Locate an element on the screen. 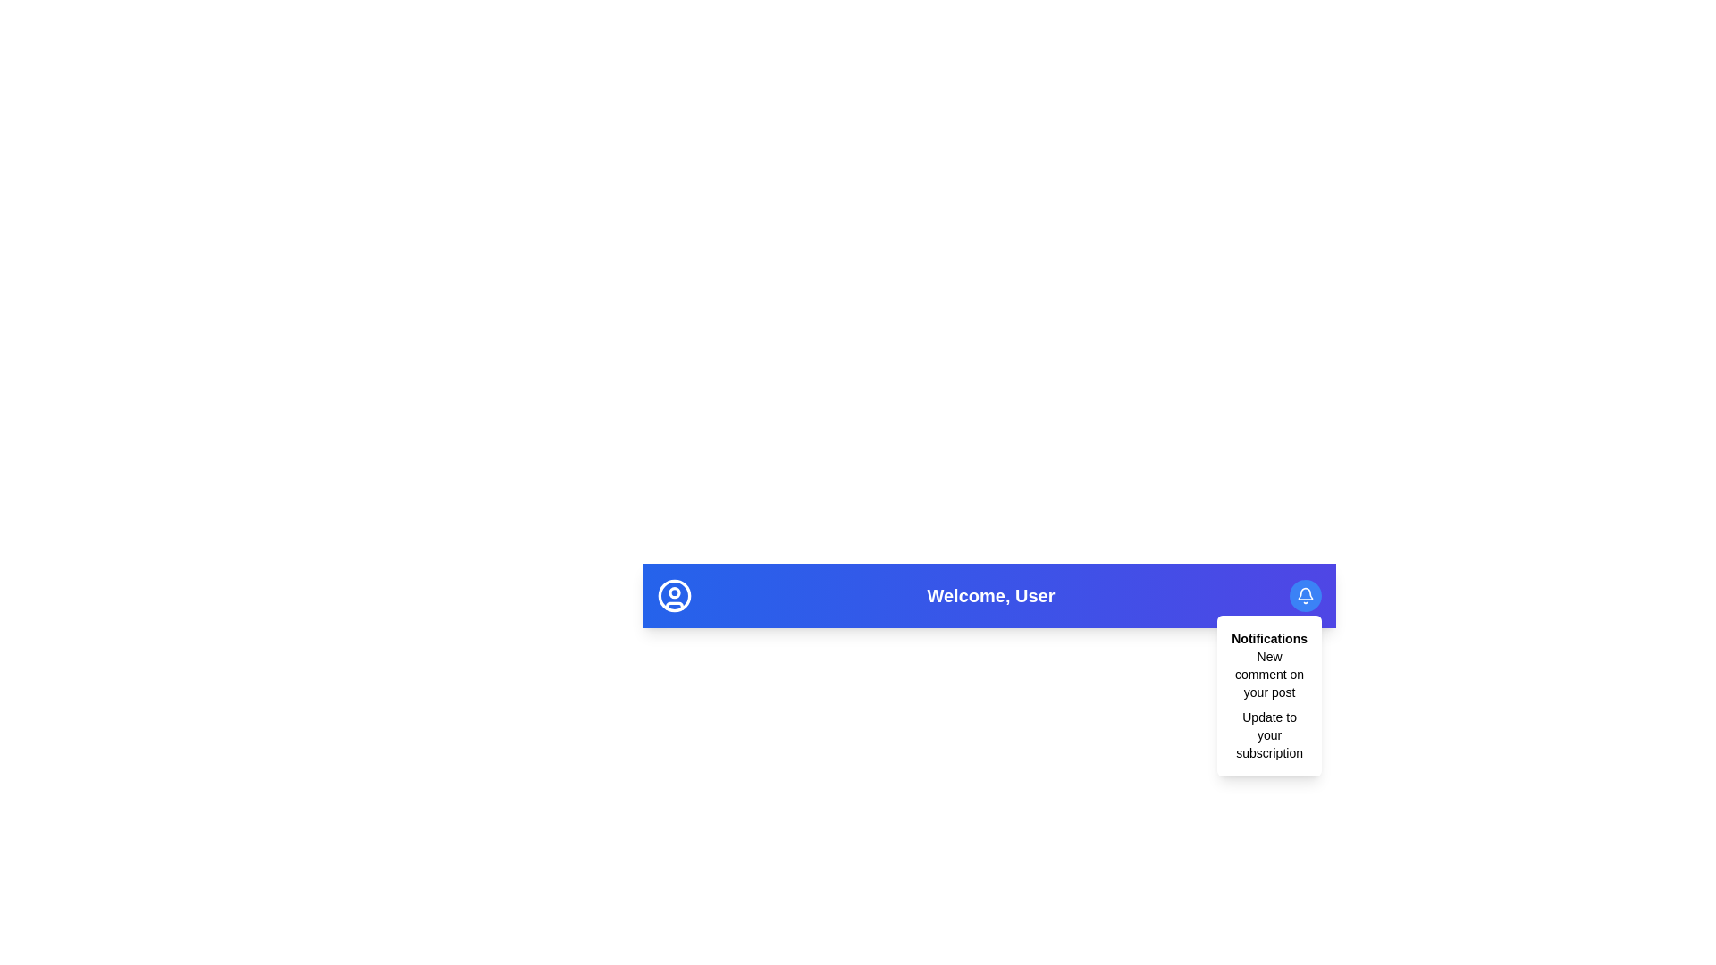 This screenshot has height=965, width=1716. the decorative SVG circle that serves as a boundary for the user profile icon located in the top blue header bar is located at coordinates (673, 596).